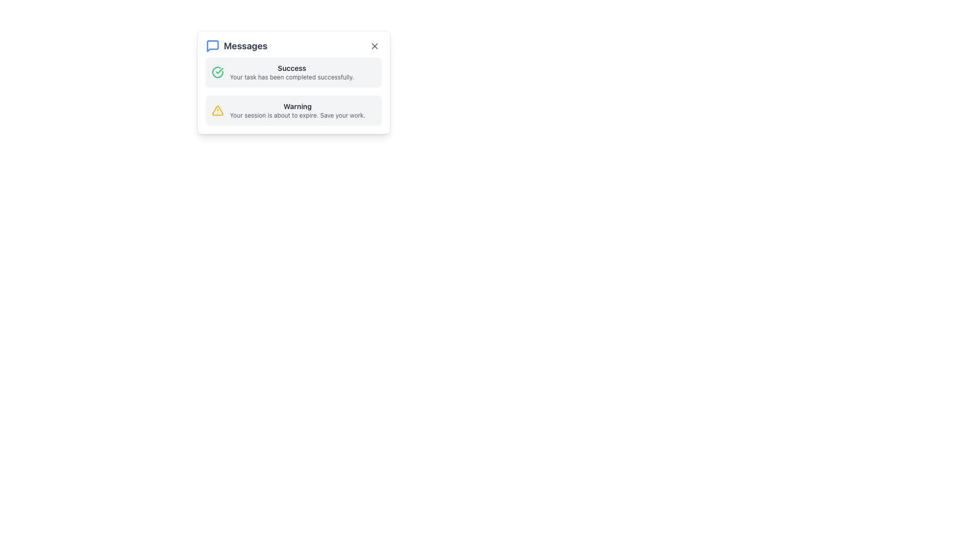 This screenshot has height=543, width=966. What do you see at coordinates (219, 70) in the screenshot?
I see `the checkmark icon inside the green circular border next to the 'Success' message in the notification` at bounding box center [219, 70].